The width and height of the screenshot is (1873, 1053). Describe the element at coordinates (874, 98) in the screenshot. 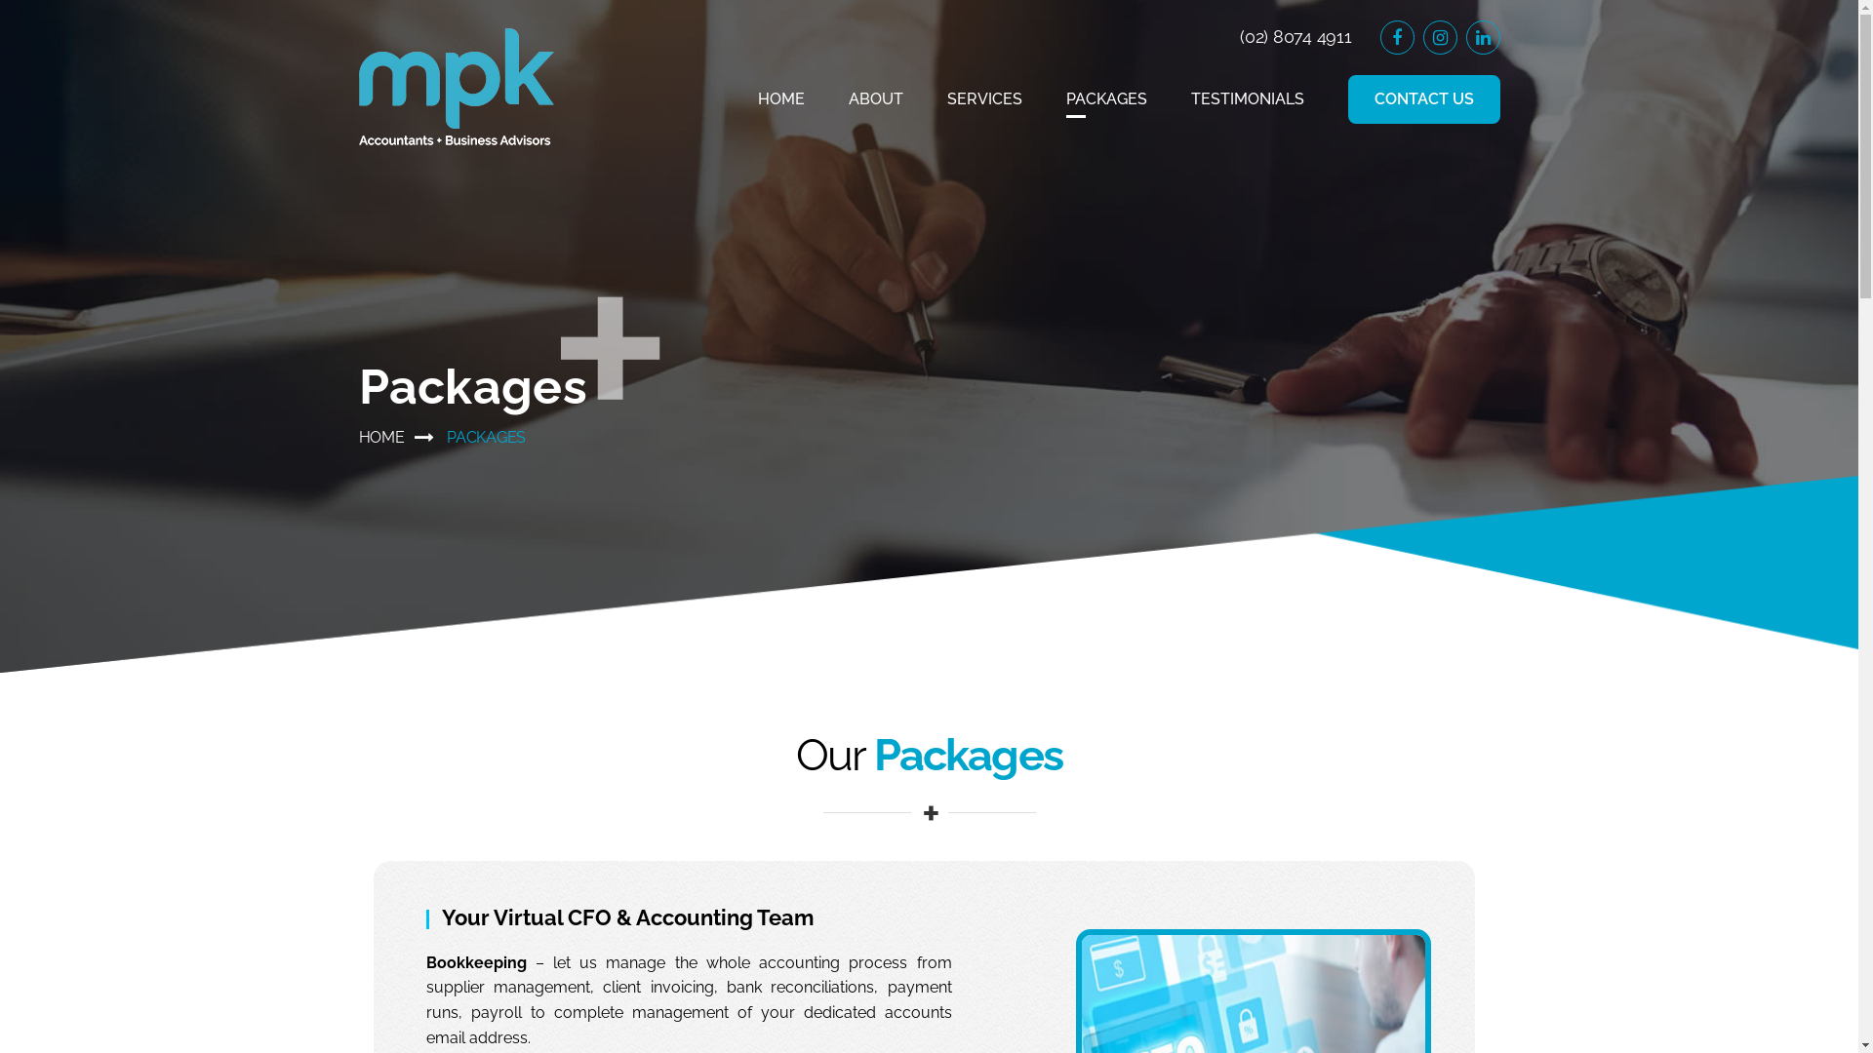

I see `'ABOUT'` at that location.